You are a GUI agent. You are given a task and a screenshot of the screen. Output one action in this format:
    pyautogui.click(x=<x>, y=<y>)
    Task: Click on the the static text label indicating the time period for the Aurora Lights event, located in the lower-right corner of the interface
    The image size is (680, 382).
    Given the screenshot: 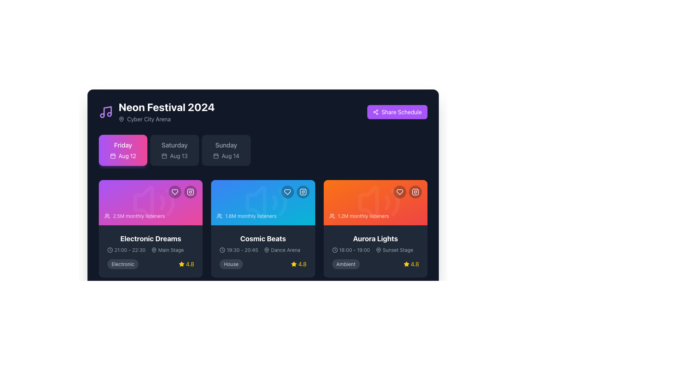 What is the action you would take?
    pyautogui.click(x=355, y=249)
    